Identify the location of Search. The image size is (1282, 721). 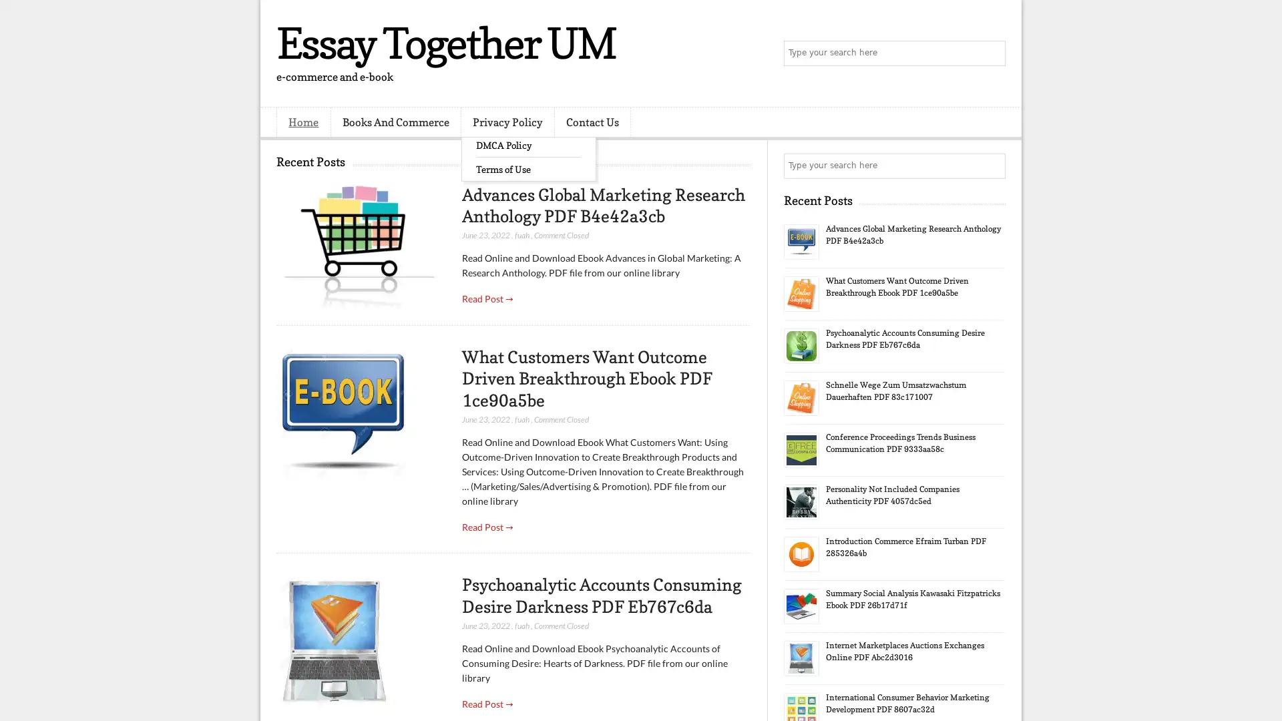
(992, 53).